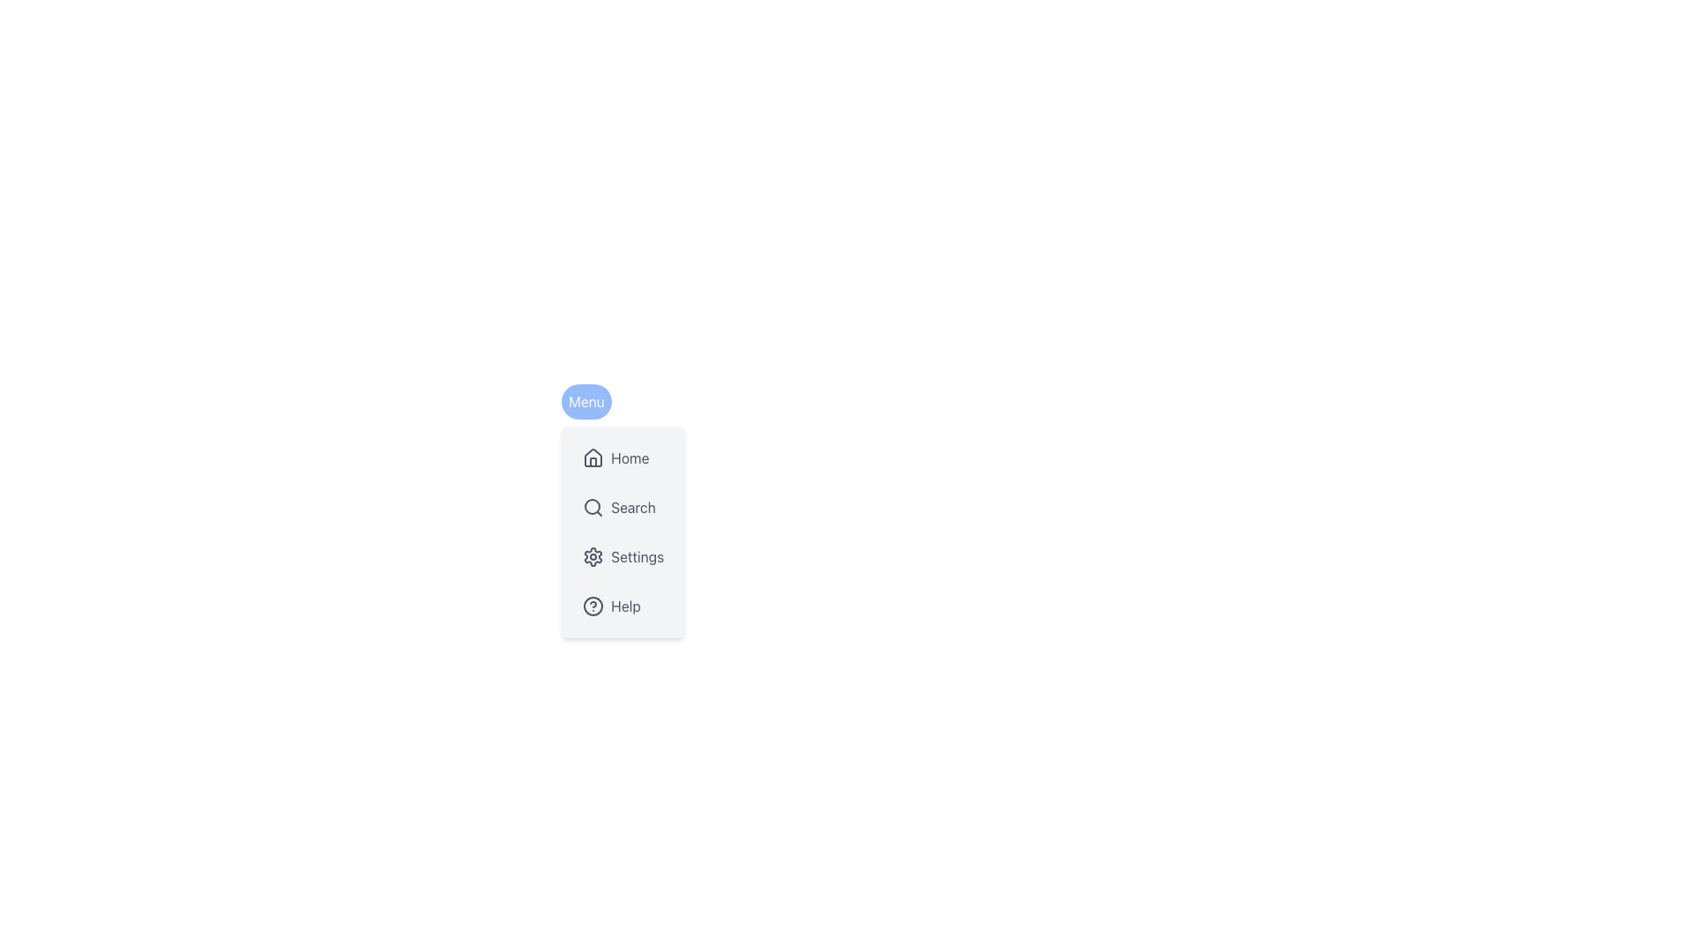  I want to click on the 'Help' menu item, which is the fourth item, so click(623, 605).